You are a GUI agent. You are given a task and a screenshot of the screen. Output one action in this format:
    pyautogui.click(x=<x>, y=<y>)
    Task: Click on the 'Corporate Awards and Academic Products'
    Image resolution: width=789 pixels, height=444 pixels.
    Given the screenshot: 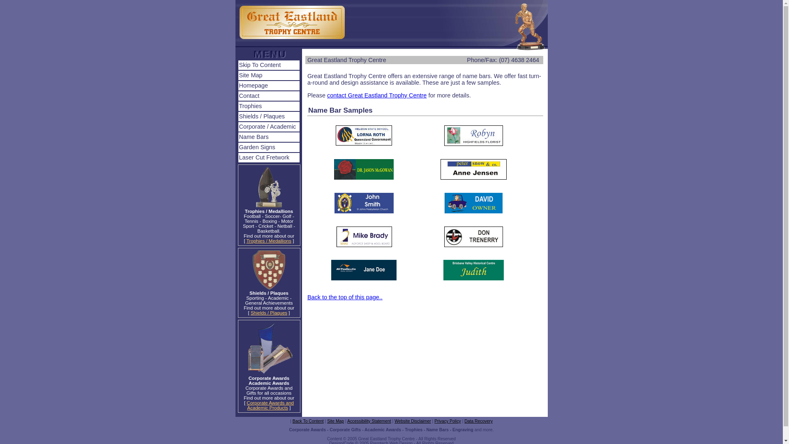 What is the action you would take?
    pyautogui.click(x=270, y=405)
    